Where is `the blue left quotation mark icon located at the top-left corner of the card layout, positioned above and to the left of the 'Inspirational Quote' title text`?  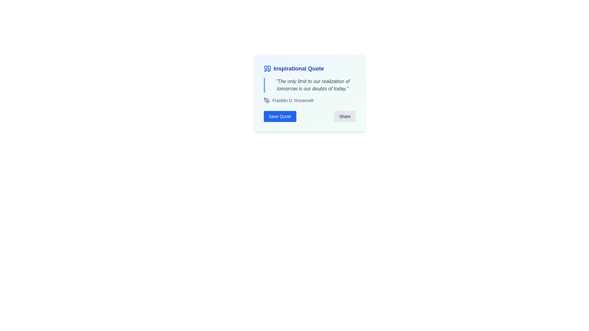
the blue left quotation mark icon located at the top-left corner of the card layout, positioned above and to the left of the 'Inspirational Quote' title text is located at coordinates (266, 68).